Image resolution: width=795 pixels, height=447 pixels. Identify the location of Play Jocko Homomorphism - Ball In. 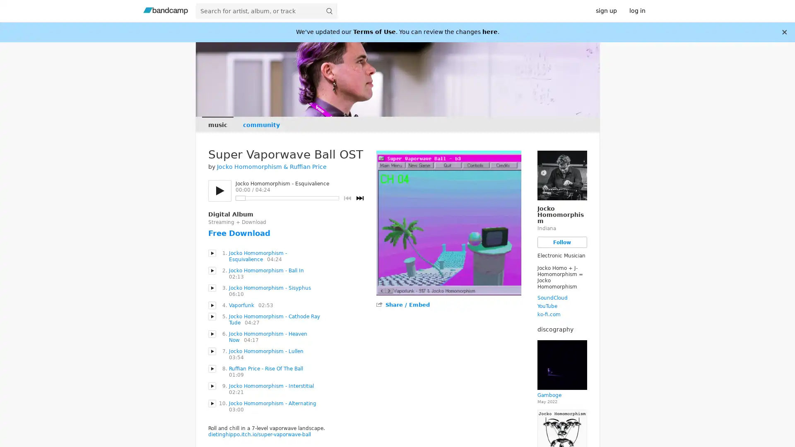
(212, 271).